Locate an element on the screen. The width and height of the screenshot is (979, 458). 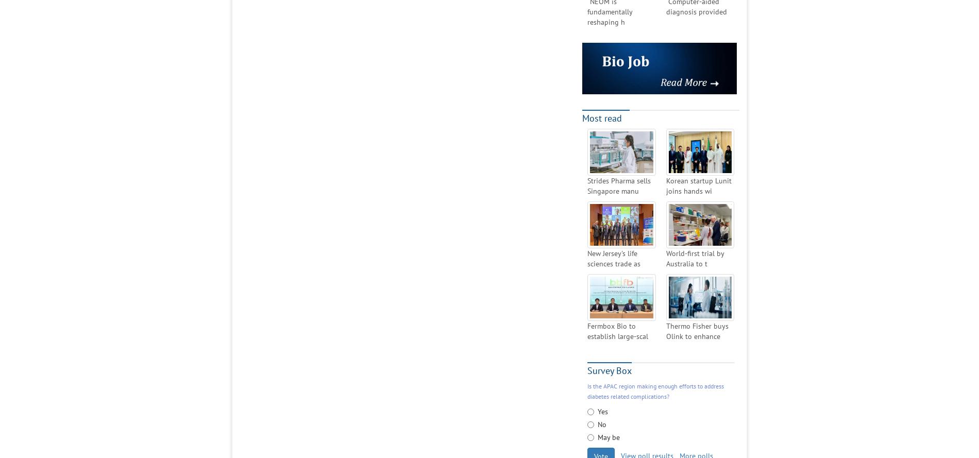
'Most read' is located at coordinates (602, 117).